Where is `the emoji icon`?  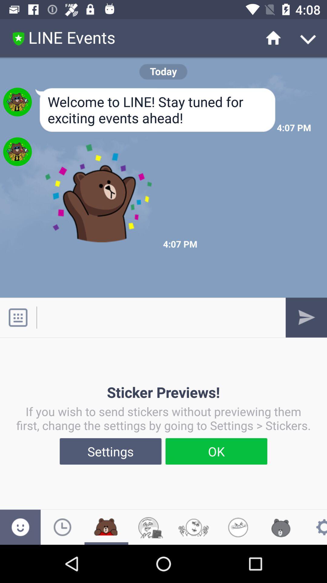 the emoji icon is located at coordinates (20, 527).